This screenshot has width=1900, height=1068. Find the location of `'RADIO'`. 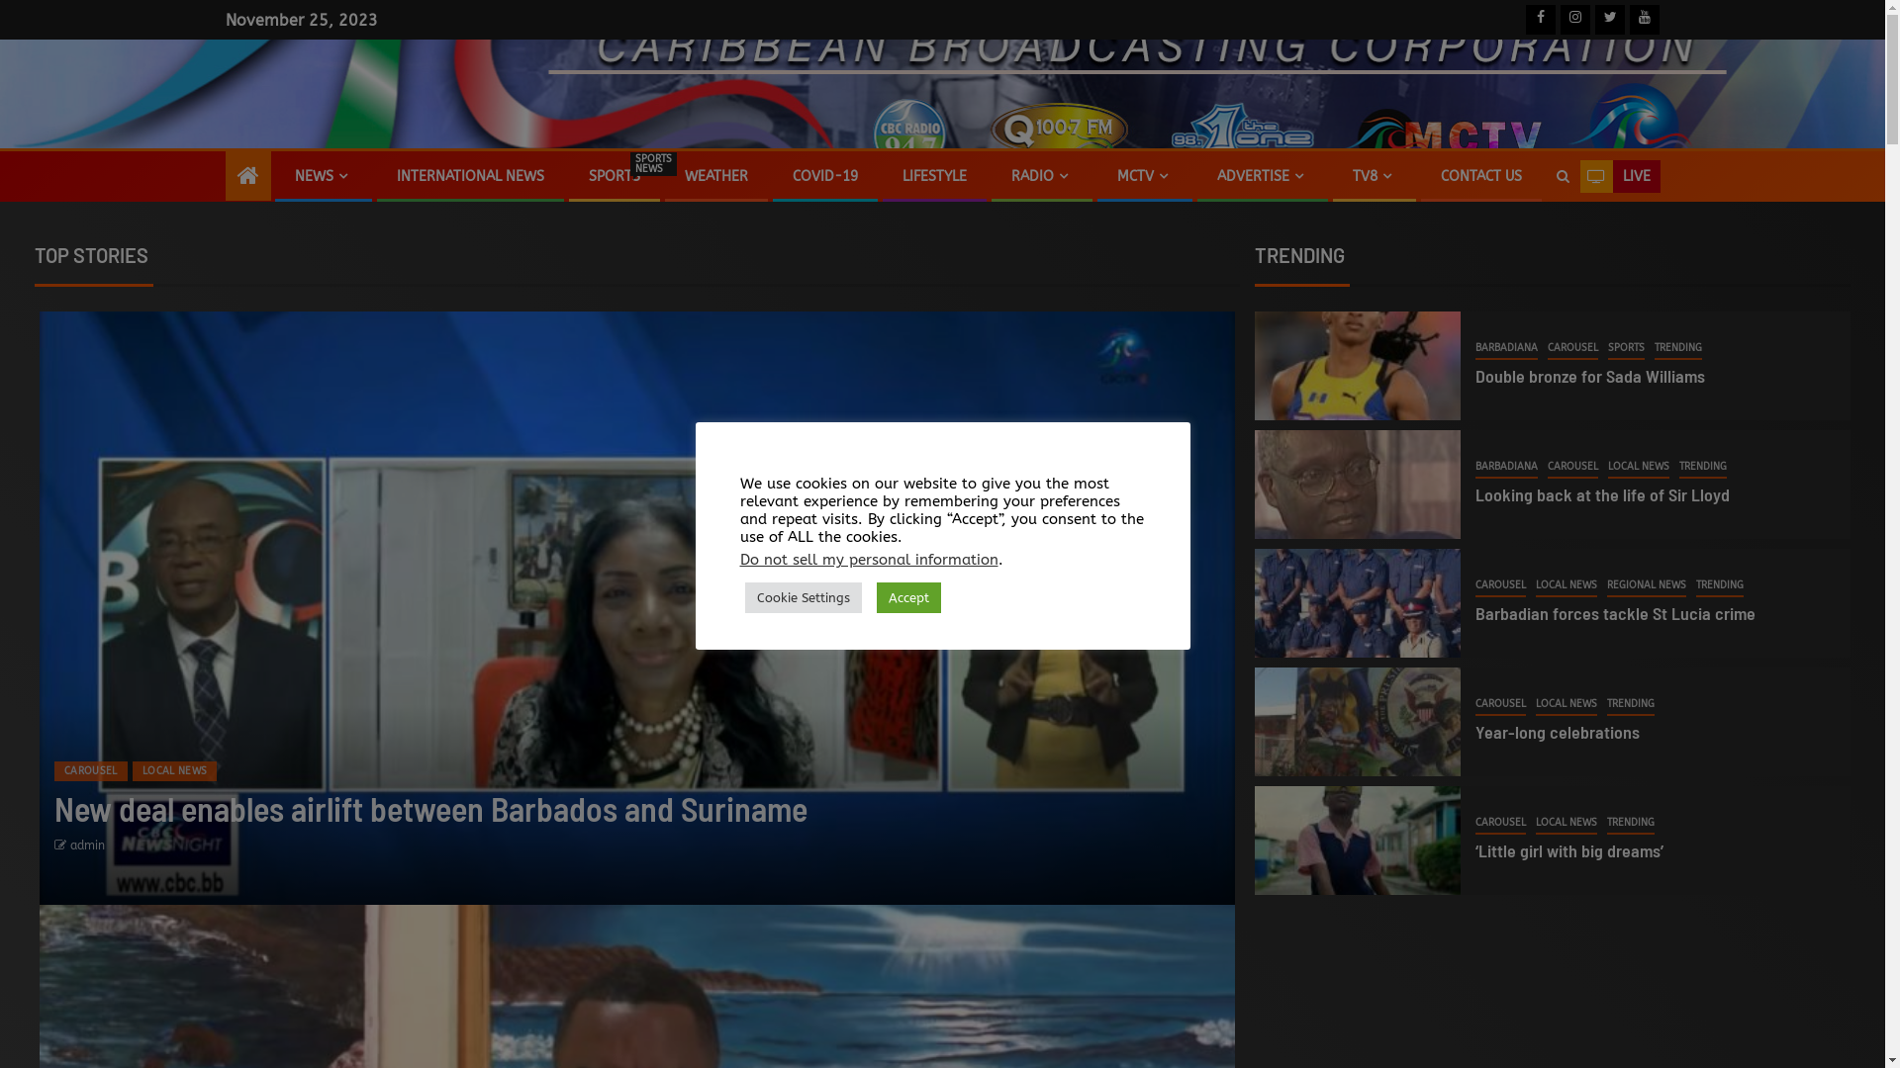

'RADIO' is located at coordinates (1040, 175).